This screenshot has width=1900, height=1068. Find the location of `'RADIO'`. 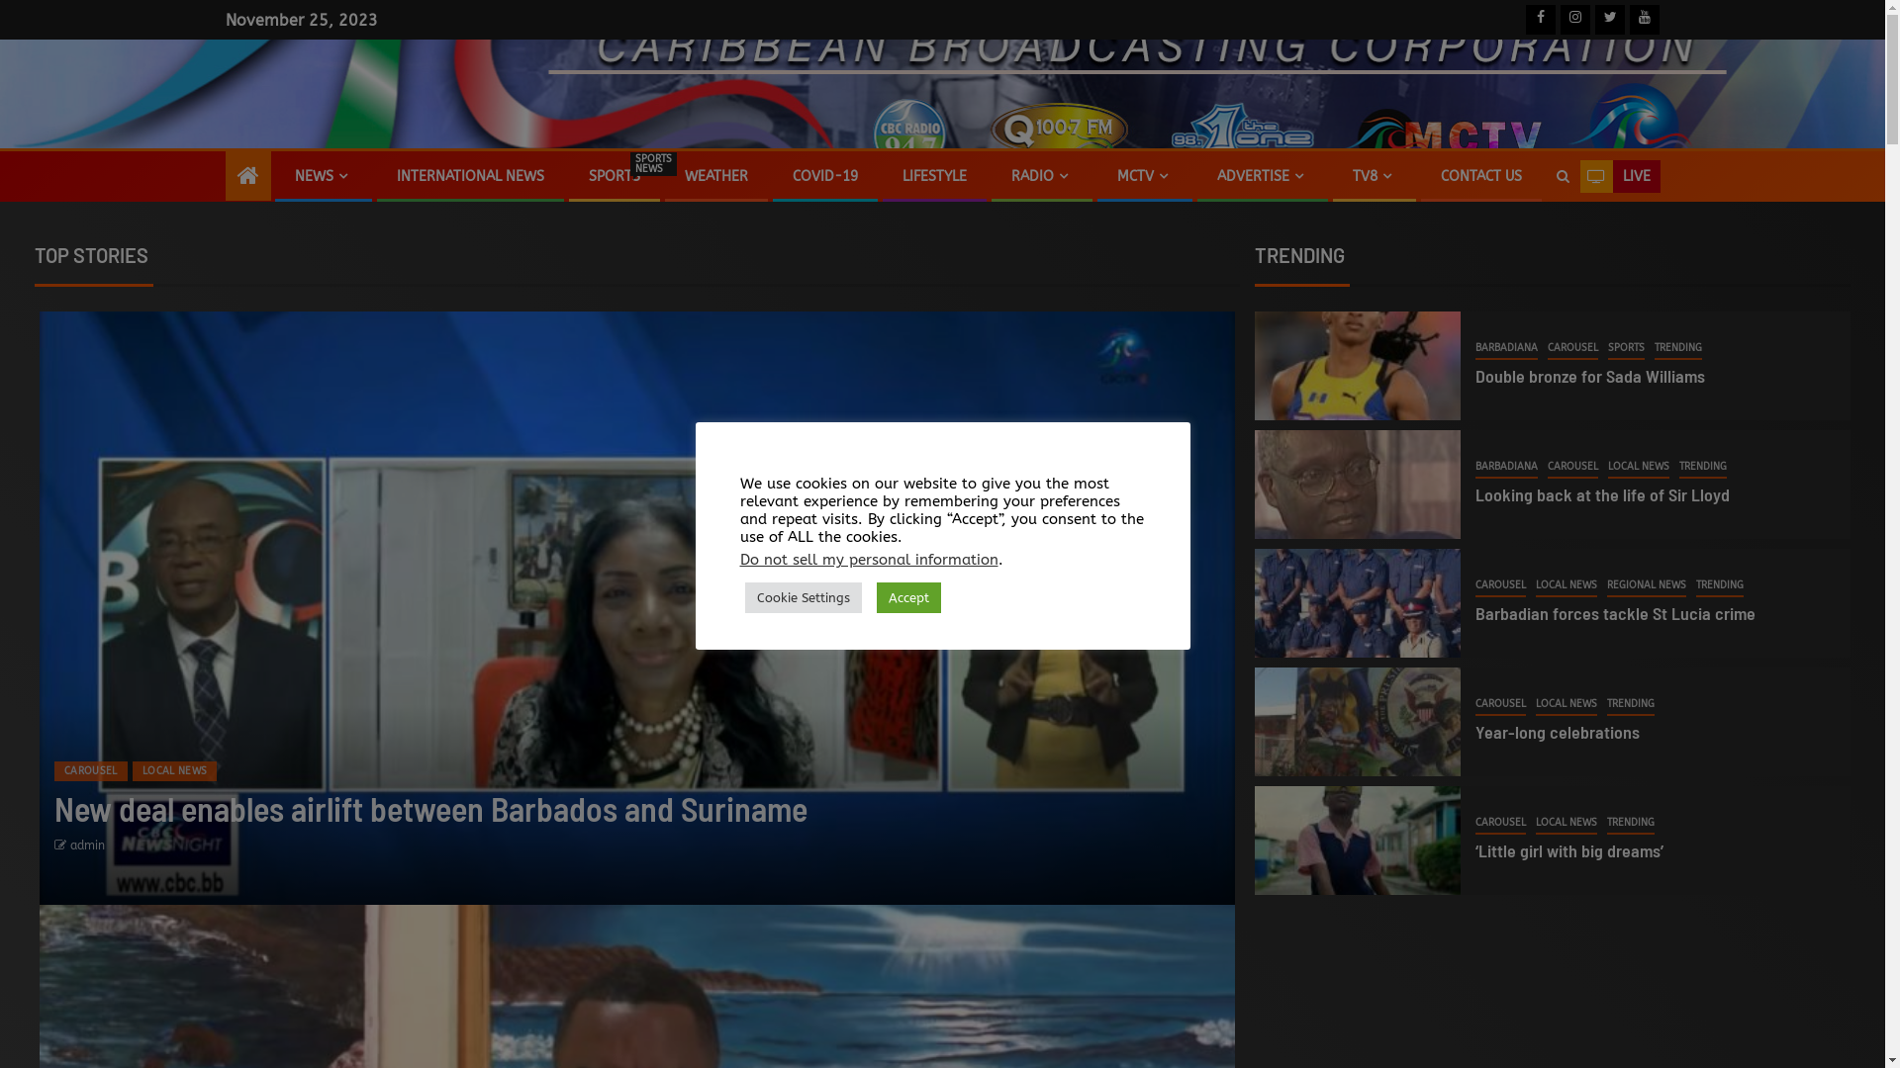

'RADIO' is located at coordinates (1040, 175).